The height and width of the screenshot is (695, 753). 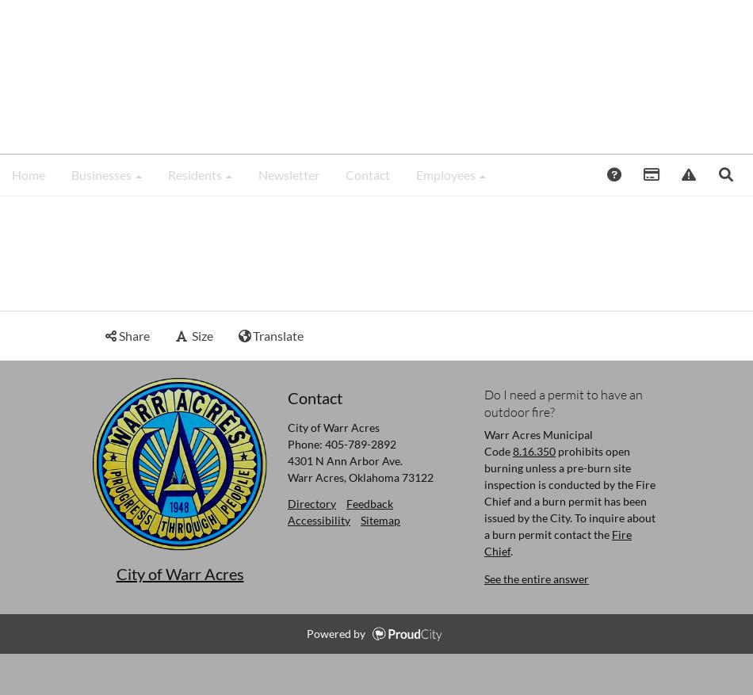 What do you see at coordinates (698, 172) in the screenshot?
I see `'Payments'` at bounding box center [698, 172].